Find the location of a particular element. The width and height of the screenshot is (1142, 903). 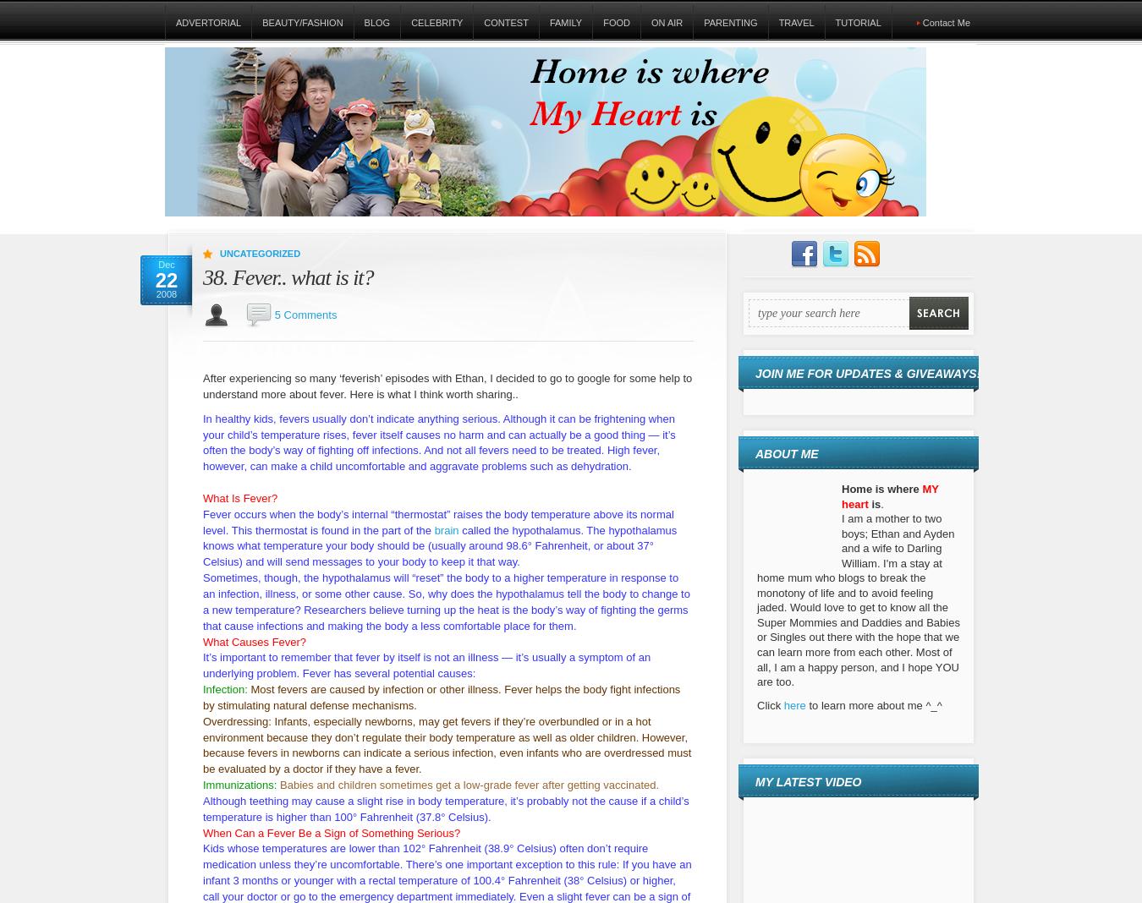

'I am a mother to two boys; Ethan and Ayden and a wife to Darling William. I'm a stay at home mum who blogs to break the monotony of life and to avoid feeling jaded. Would love to get to know all the Super Mommies and Daddies and Babies or Singles out there with the hope that we can learn more from each other. Most of all, I am a happy person, and I hope YOU are too.' is located at coordinates (858, 600).